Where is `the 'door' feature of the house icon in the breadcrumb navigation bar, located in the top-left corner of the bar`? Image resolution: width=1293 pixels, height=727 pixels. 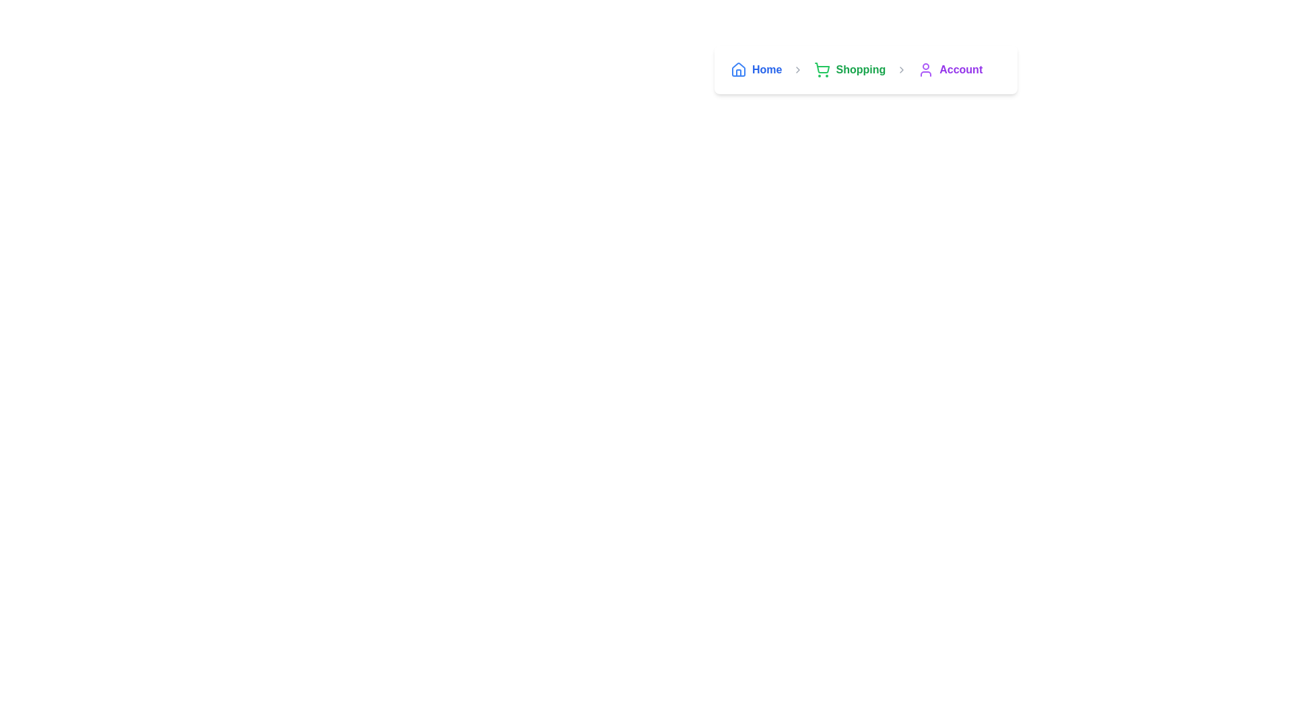 the 'door' feature of the house icon in the breadcrumb navigation bar, located in the top-left corner of the bar is located at coordinates (738, 73).